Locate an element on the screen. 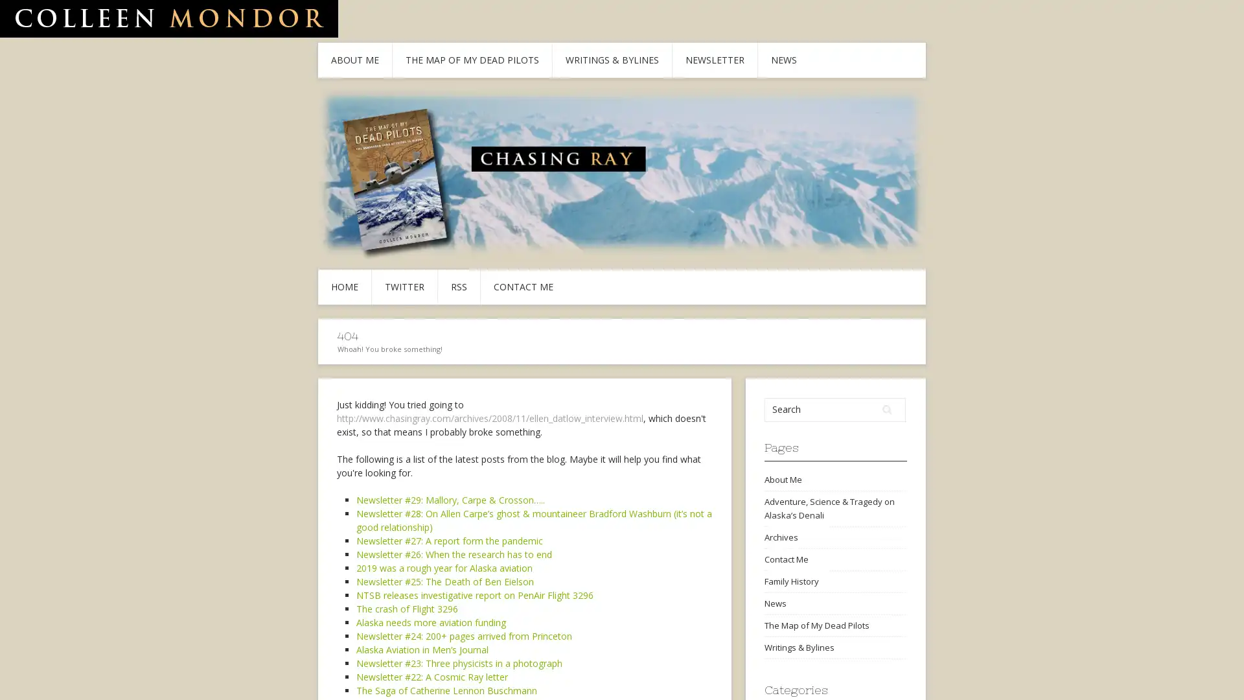 Image resolution: width=1244 pixels, height=700 pixels. Search is located at coordinates (886, 410).